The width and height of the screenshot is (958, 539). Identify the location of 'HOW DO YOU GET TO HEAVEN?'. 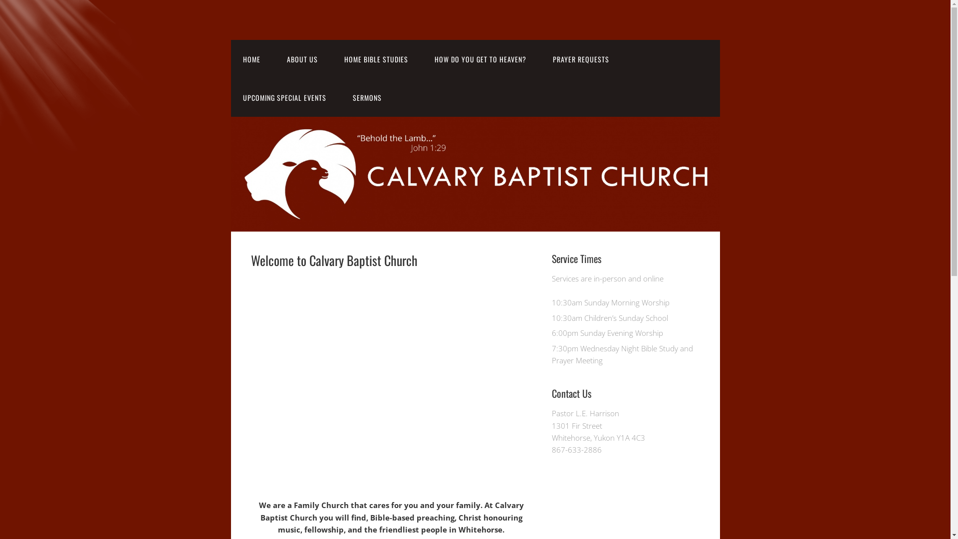
(479, 59).